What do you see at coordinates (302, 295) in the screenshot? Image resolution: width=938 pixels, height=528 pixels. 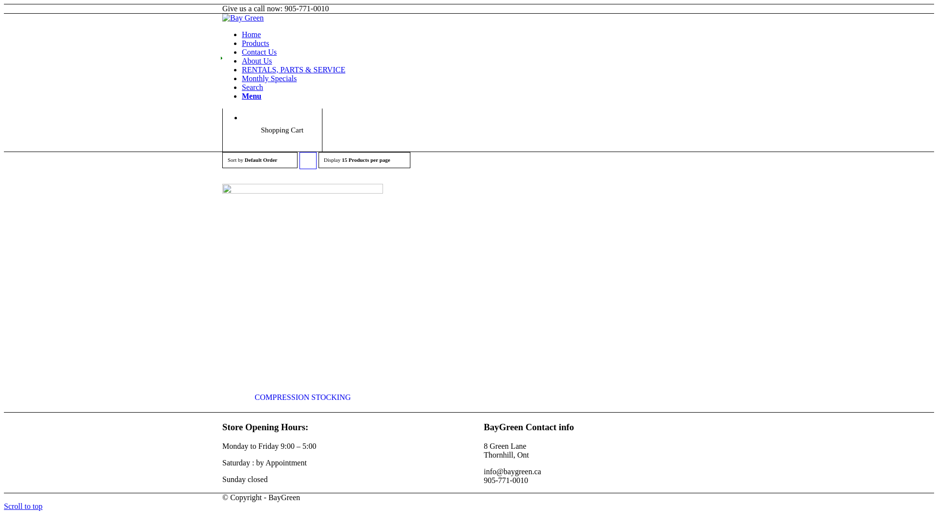 I see `'COMPRESSION STOCKING'` at bounding box center [302, 295].